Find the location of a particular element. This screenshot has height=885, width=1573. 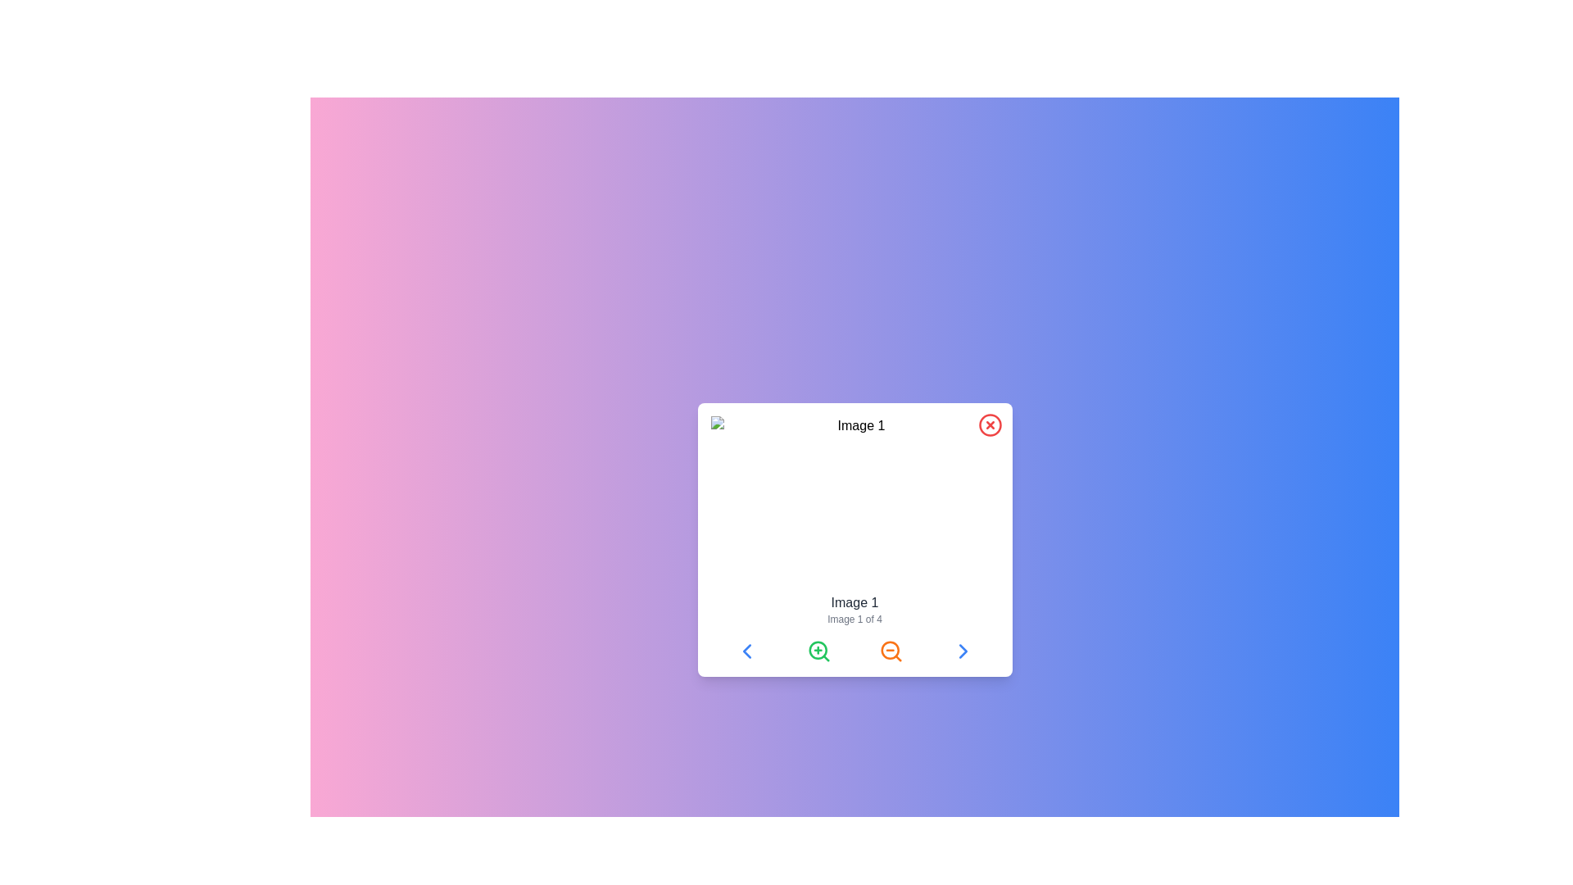

the decorative circle in the top-right corner of the modal that represents the close functionality is located at coordinates (989, 424).